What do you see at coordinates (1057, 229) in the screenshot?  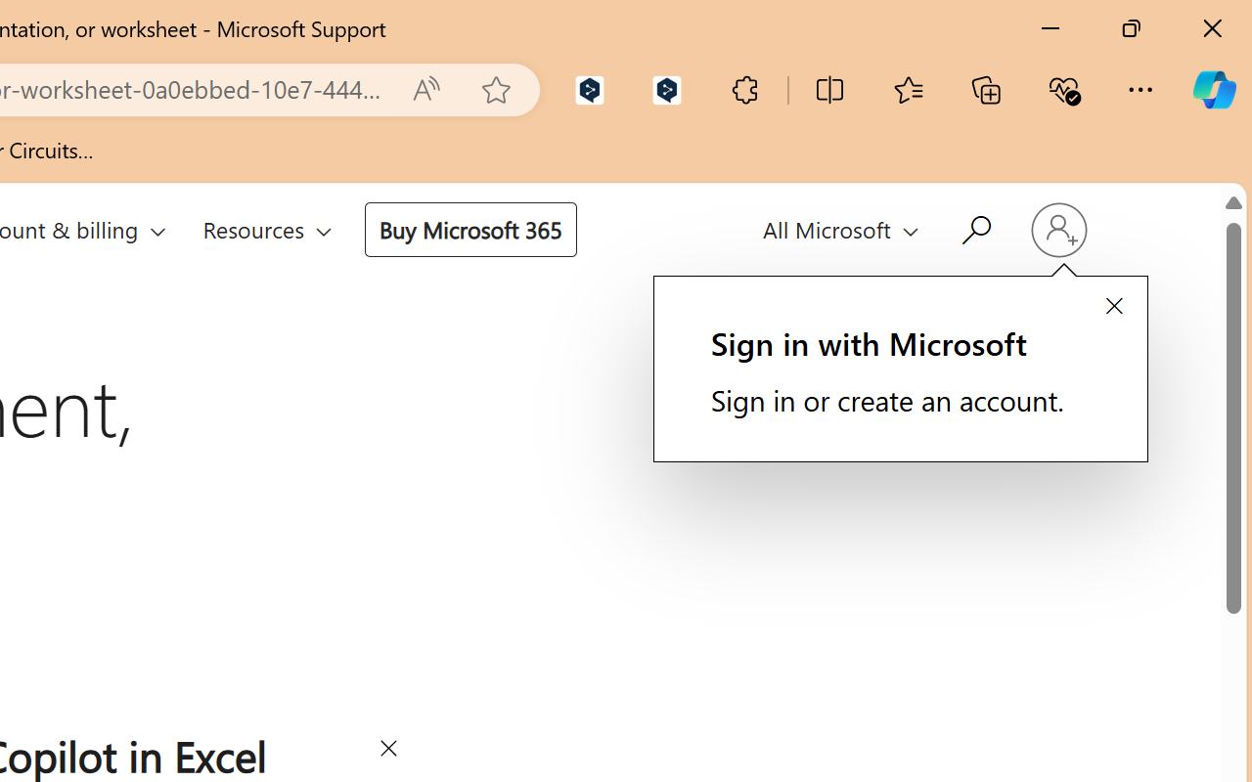 I see `'Sign in to your account'` at bounding box center [1057, 229].